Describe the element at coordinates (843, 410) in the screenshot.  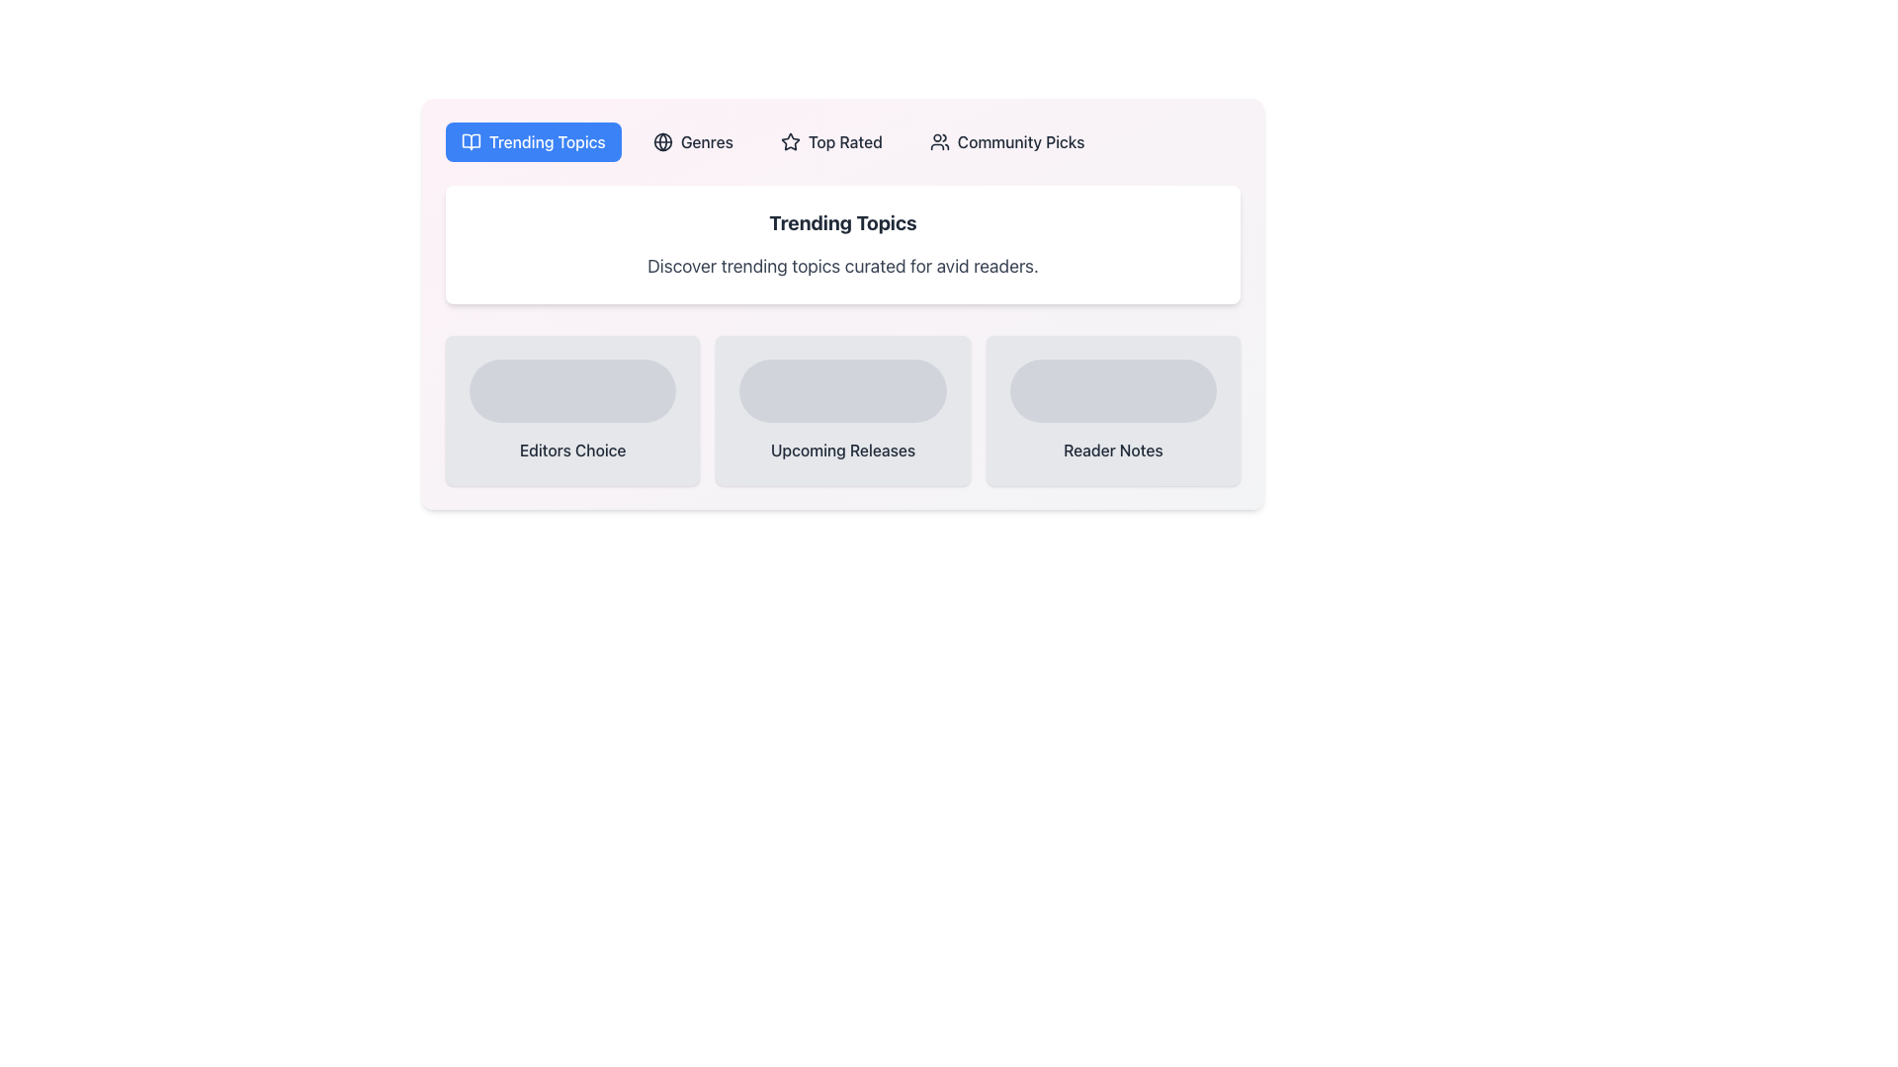
I see `the 'Upcoming Releases' card, which is the middle card in the row of three under the 'Trending Topics' section` at that location.